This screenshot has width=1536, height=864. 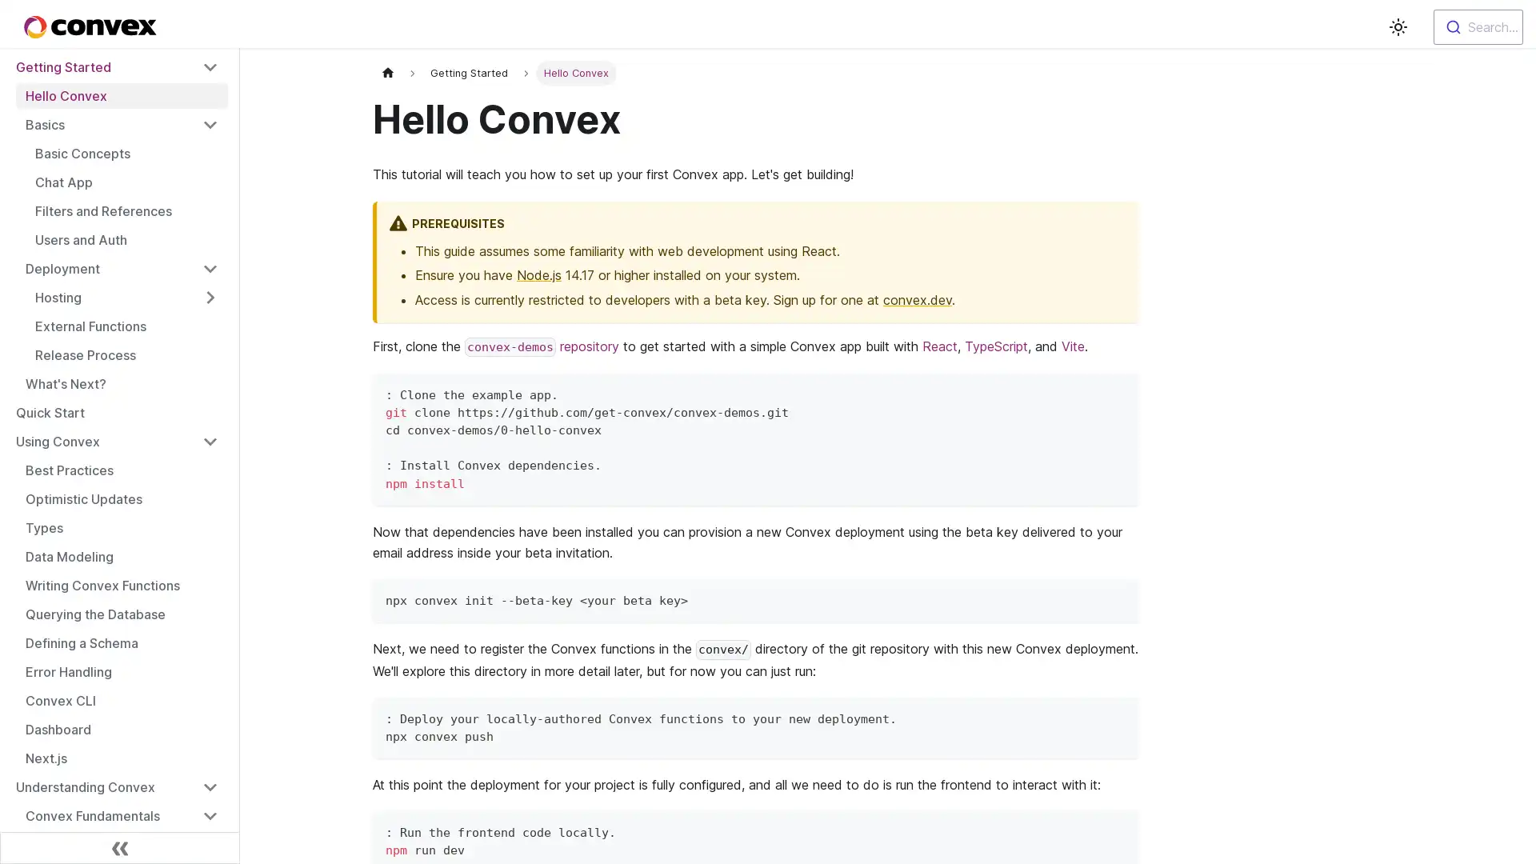 I want to click on Toggle the collapsible sidebar category 'Convex Fundamentals', so click(x=210, y=815).